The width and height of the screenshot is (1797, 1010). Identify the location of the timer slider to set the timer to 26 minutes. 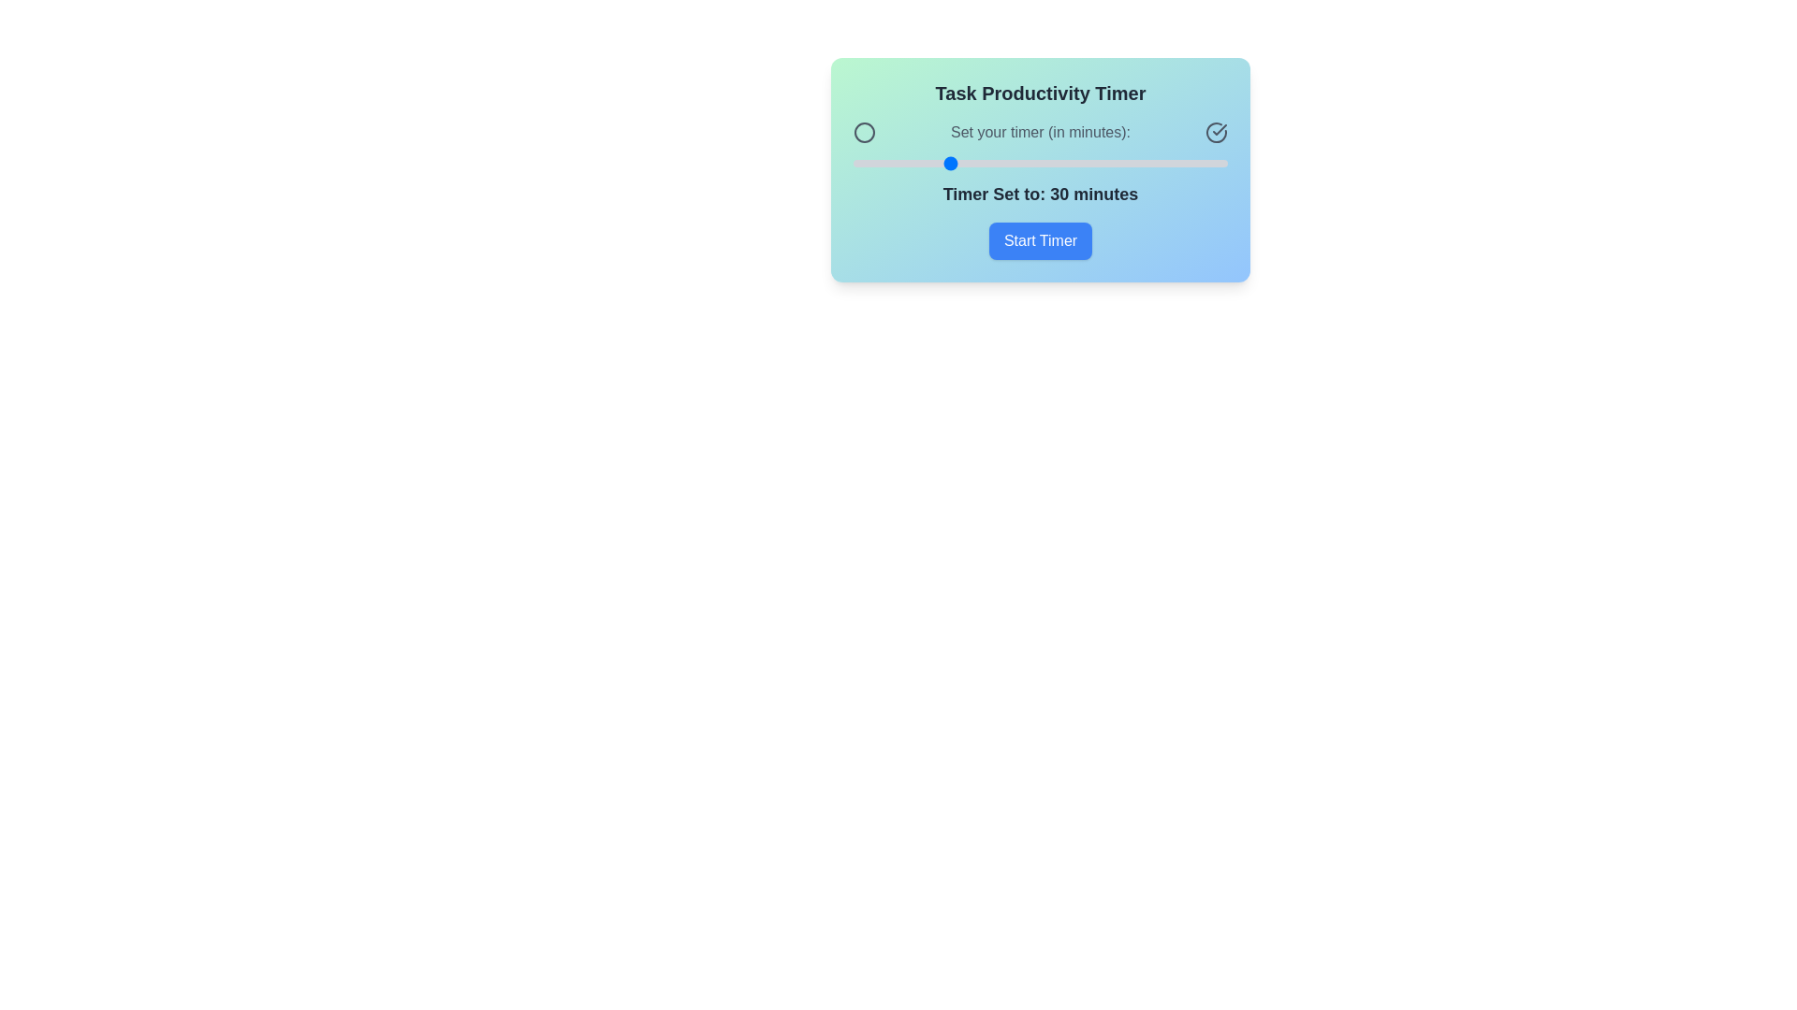
(928, 162).